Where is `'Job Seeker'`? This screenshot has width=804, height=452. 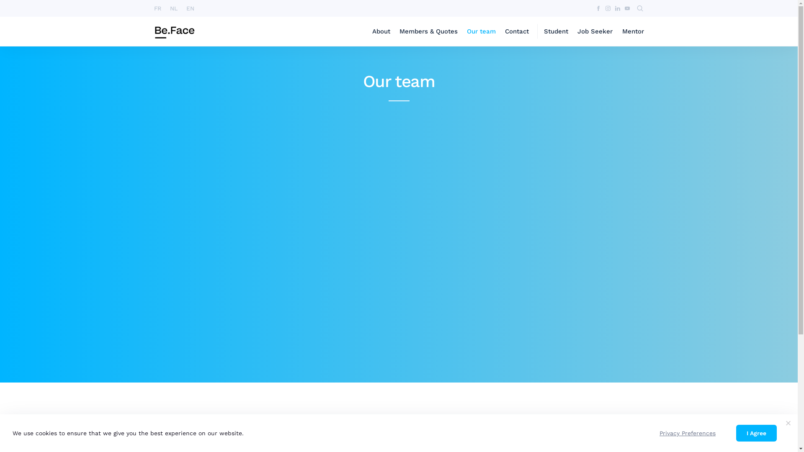
'Job Seeker' is located at coordinates (594, 31).